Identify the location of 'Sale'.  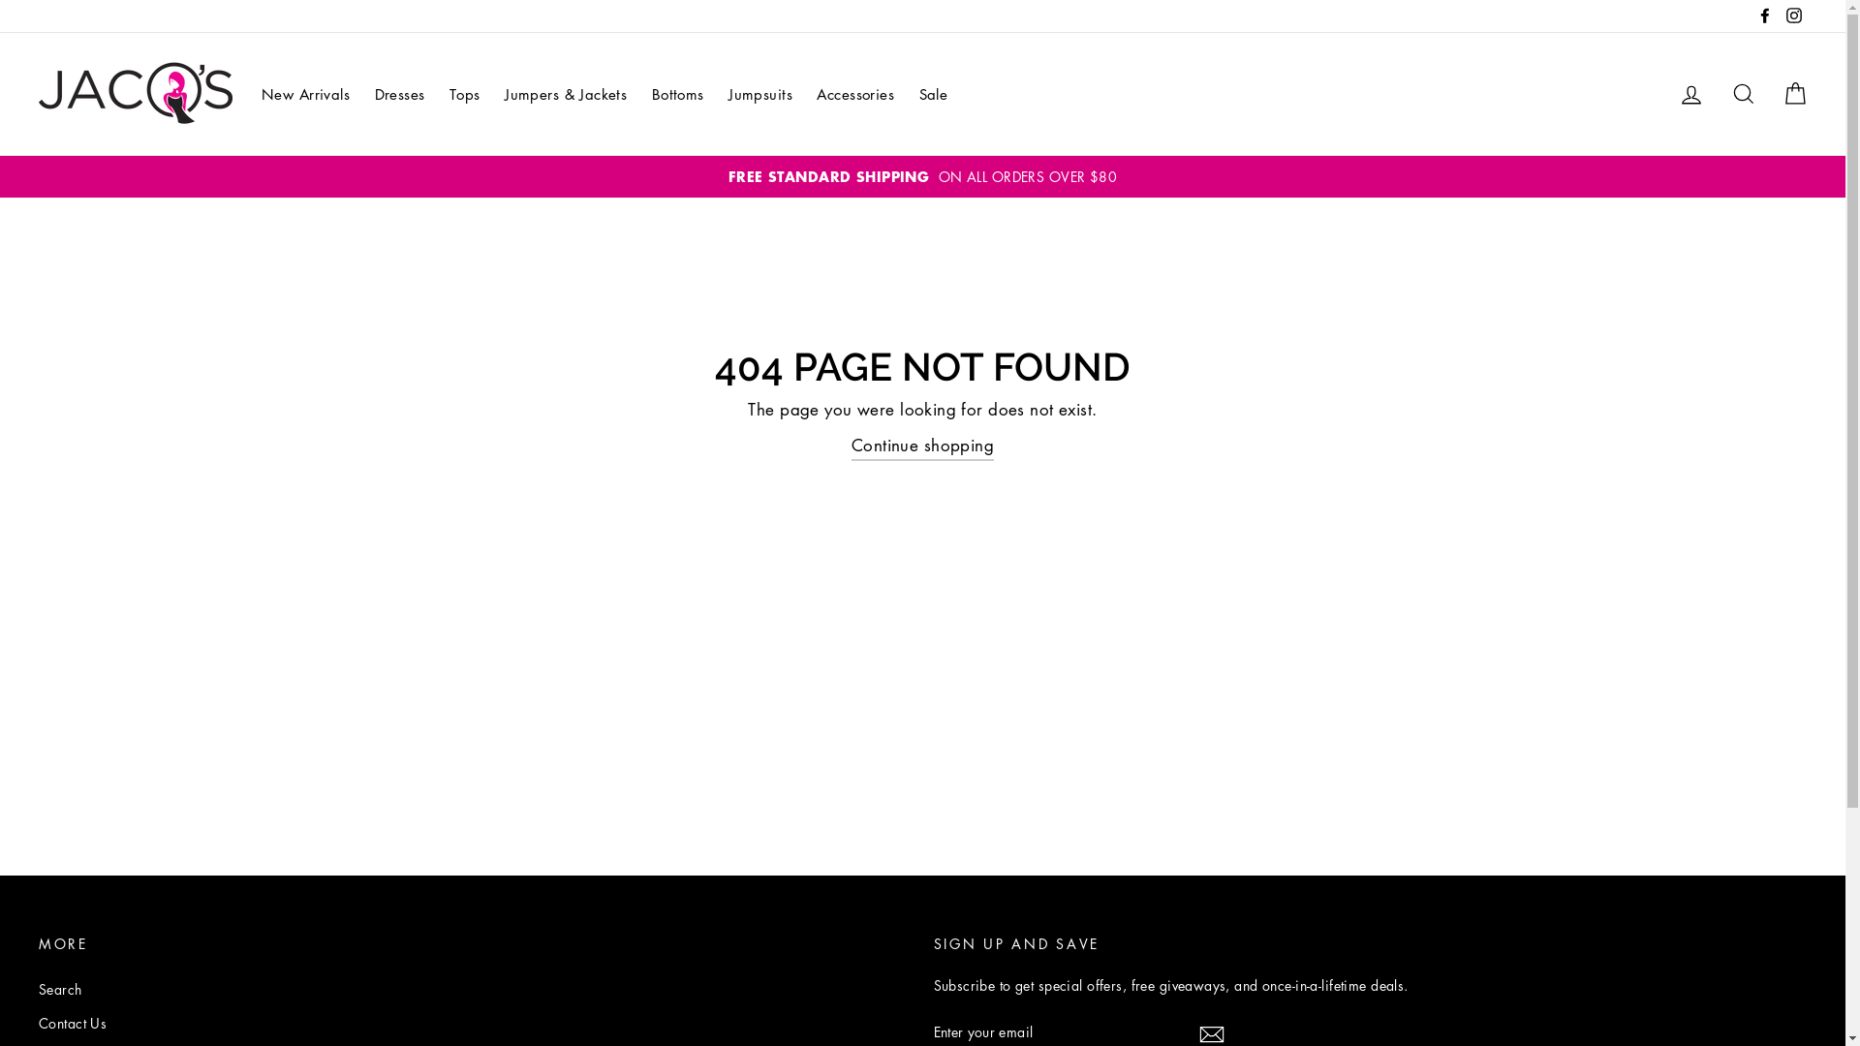
(934, 94).